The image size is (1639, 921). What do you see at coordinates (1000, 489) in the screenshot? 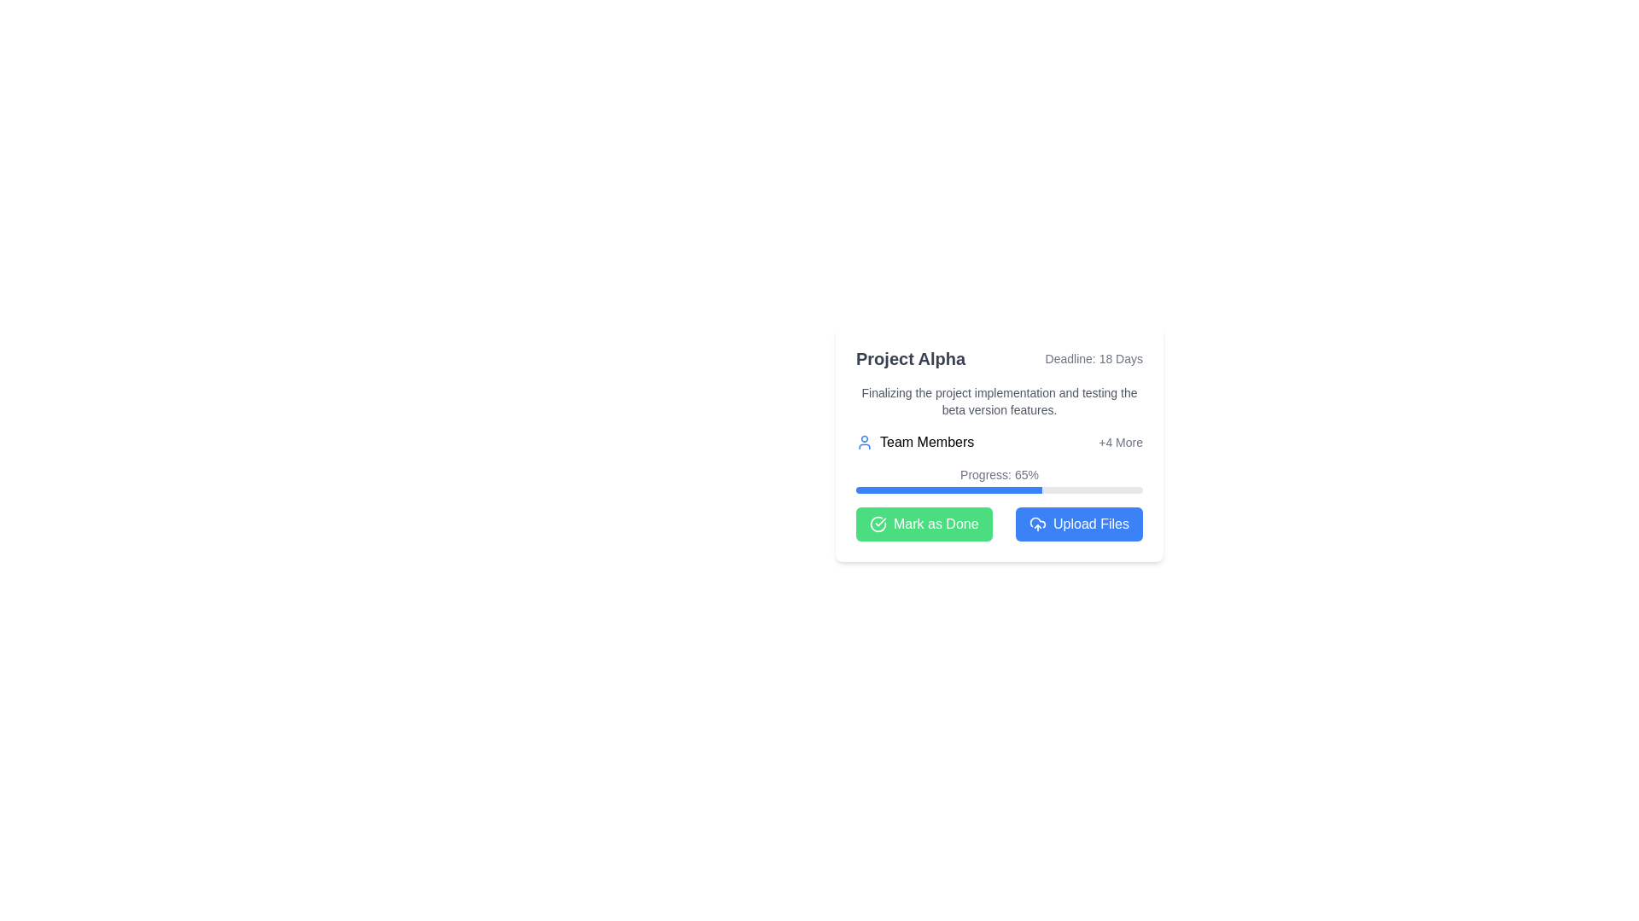
I see `the Progress Bar that indicates 65% completion, located beneath the label 'Progress: 65%'` at bounding box center [1000, 489].